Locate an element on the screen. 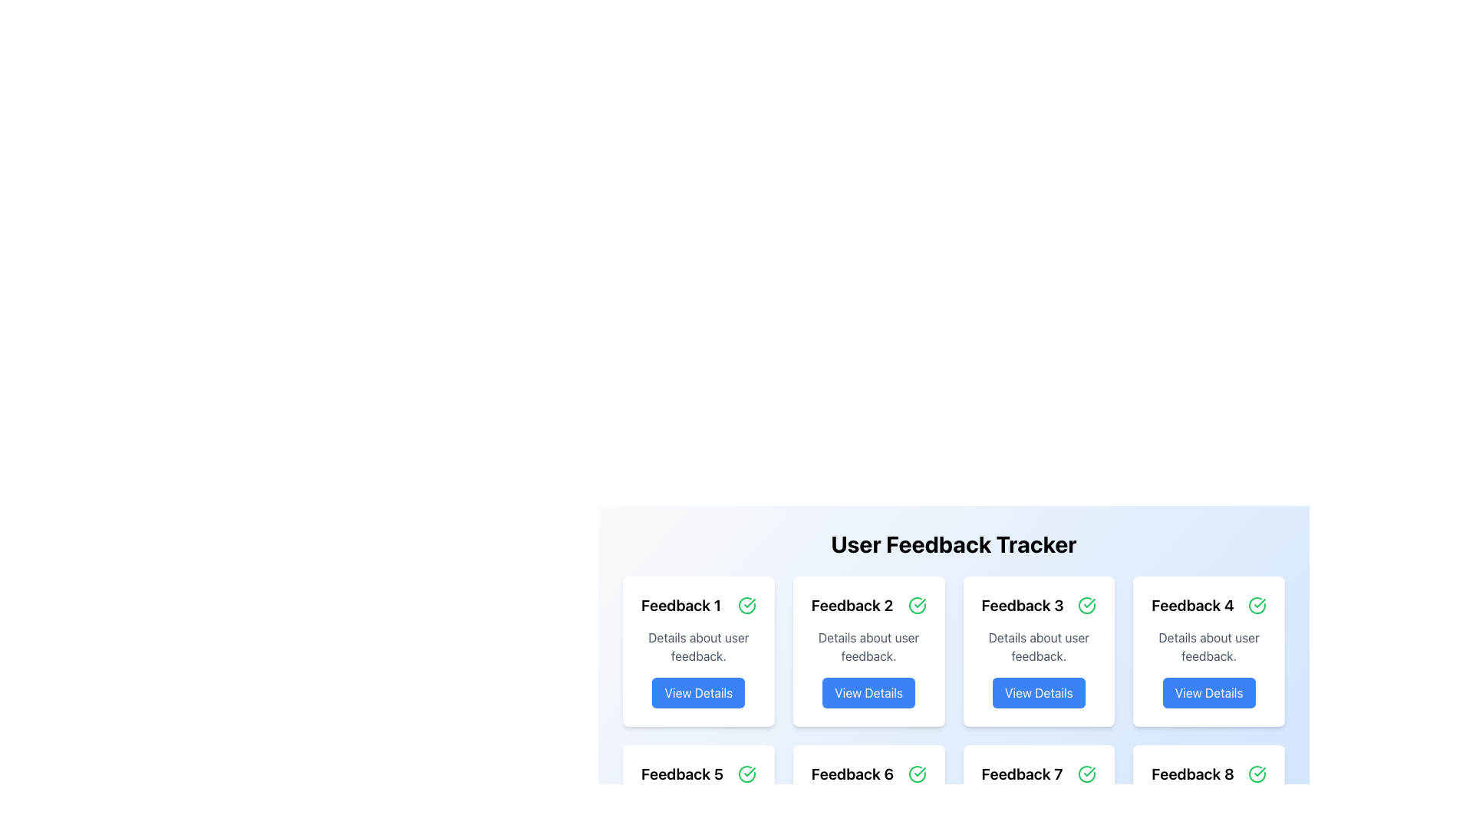 Image resolution: width=1473 pixels, height=828 pixels. the Status Indicator Icon indicating that the feedback associated with 'Feedback 8' has been reviewed or marked as complete, located to the right of 'Feedback 8' in the last card of the second row is located at coordinates (1257, 774).